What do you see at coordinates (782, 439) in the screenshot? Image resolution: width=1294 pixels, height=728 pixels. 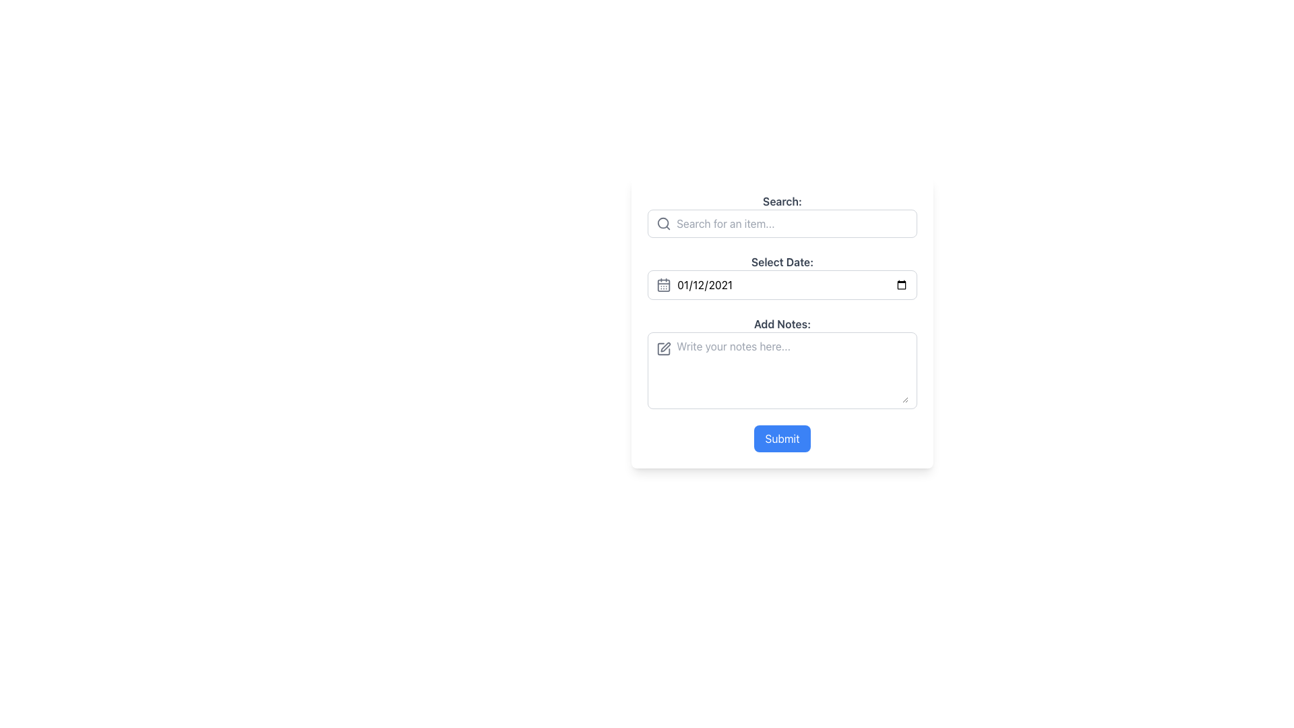 I see `the submission button located at the bottom-center of the form interface` at bounding box center [782, 439].